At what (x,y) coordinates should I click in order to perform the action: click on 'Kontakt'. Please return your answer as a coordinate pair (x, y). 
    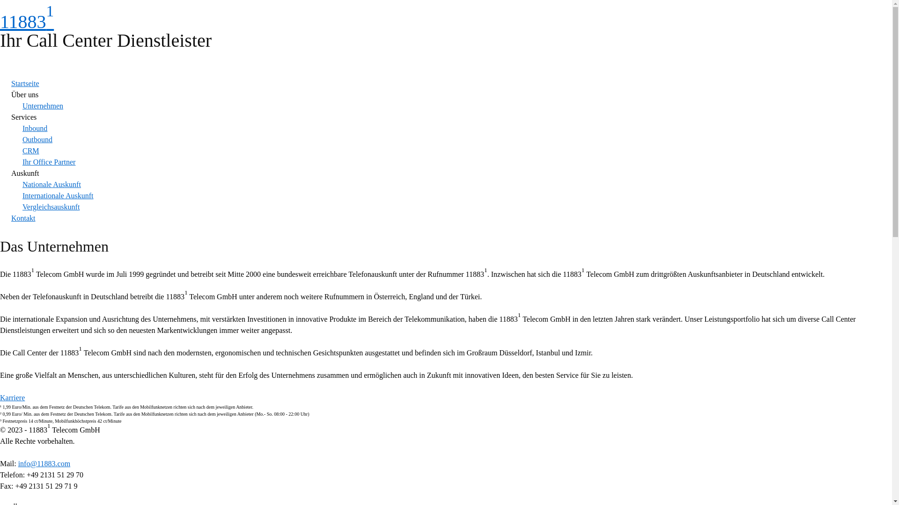
    Looking at the image, I should click on (11, 218).